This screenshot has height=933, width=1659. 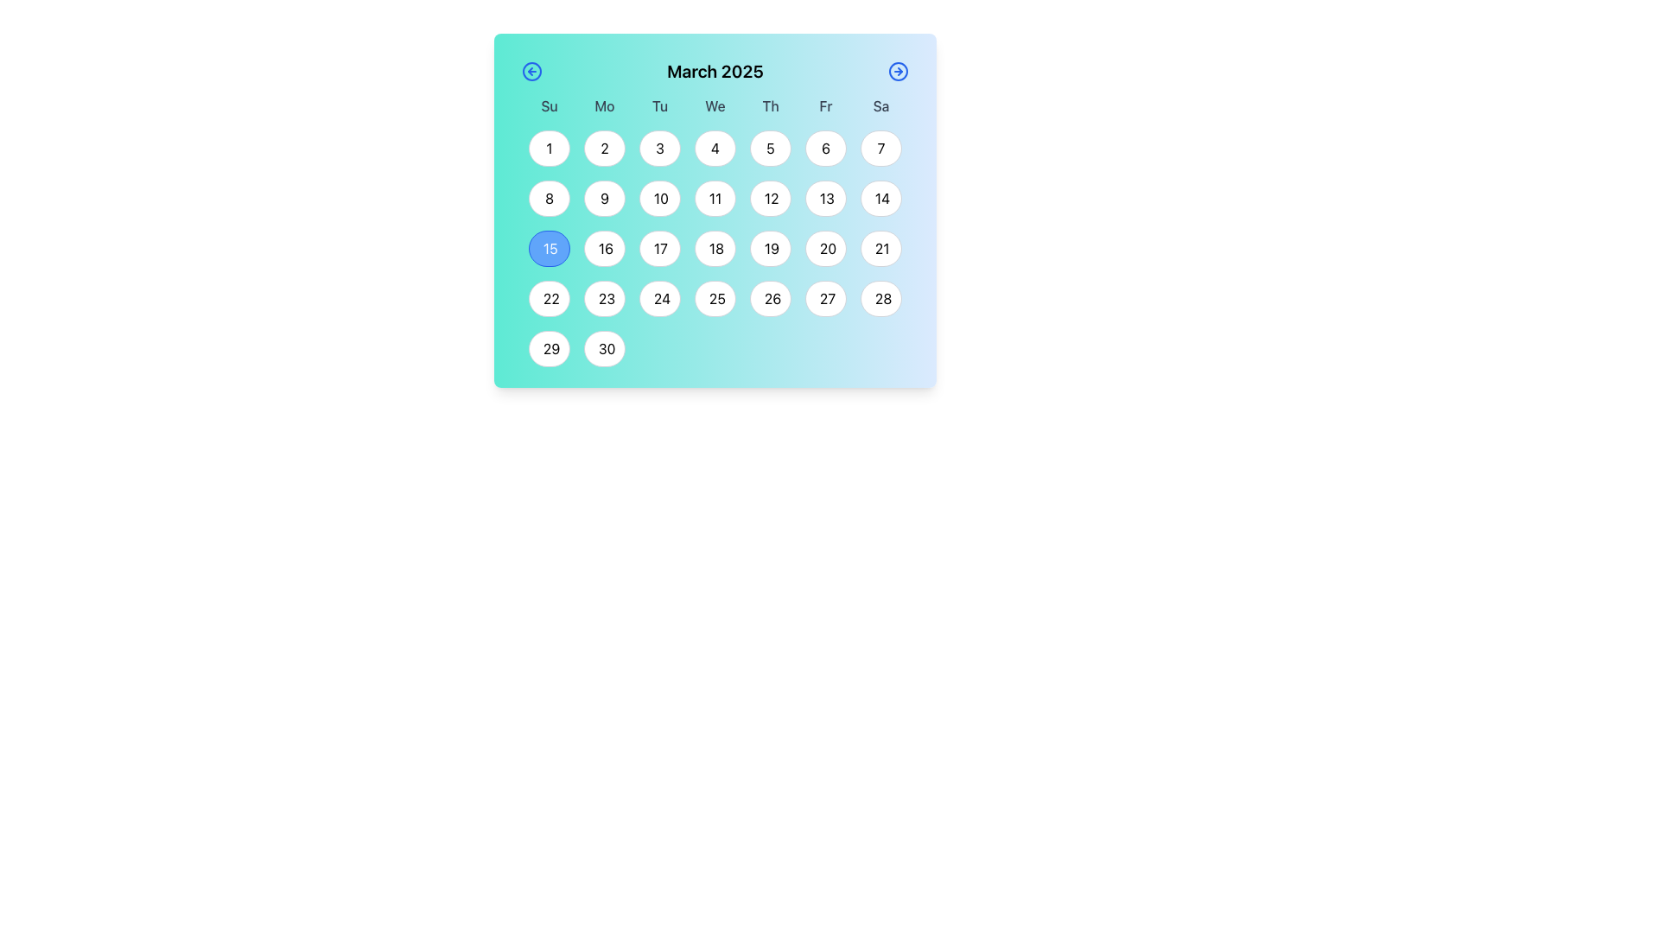 I want to click on the SVG circle element that is part of the back navigation button located at the top-left corner of the calendar interface, adjacent to the month and year display ('March 2025'), so click(x=531, y=71).